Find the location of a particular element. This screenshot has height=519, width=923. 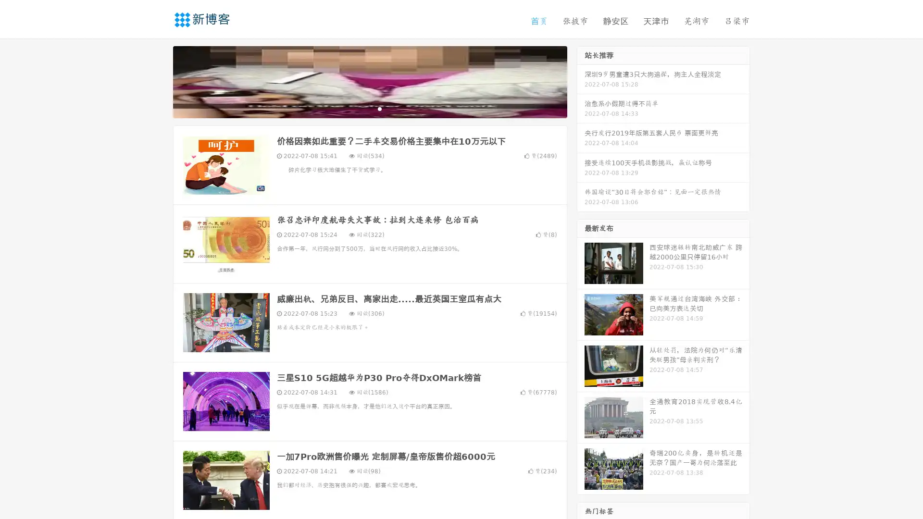

Go to slide 2 is located at coordinates (369, 108).